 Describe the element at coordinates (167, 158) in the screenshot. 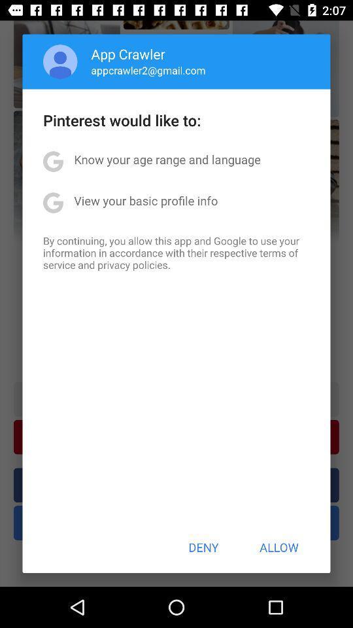

I see `the app below the pinterest would like app` at that location.